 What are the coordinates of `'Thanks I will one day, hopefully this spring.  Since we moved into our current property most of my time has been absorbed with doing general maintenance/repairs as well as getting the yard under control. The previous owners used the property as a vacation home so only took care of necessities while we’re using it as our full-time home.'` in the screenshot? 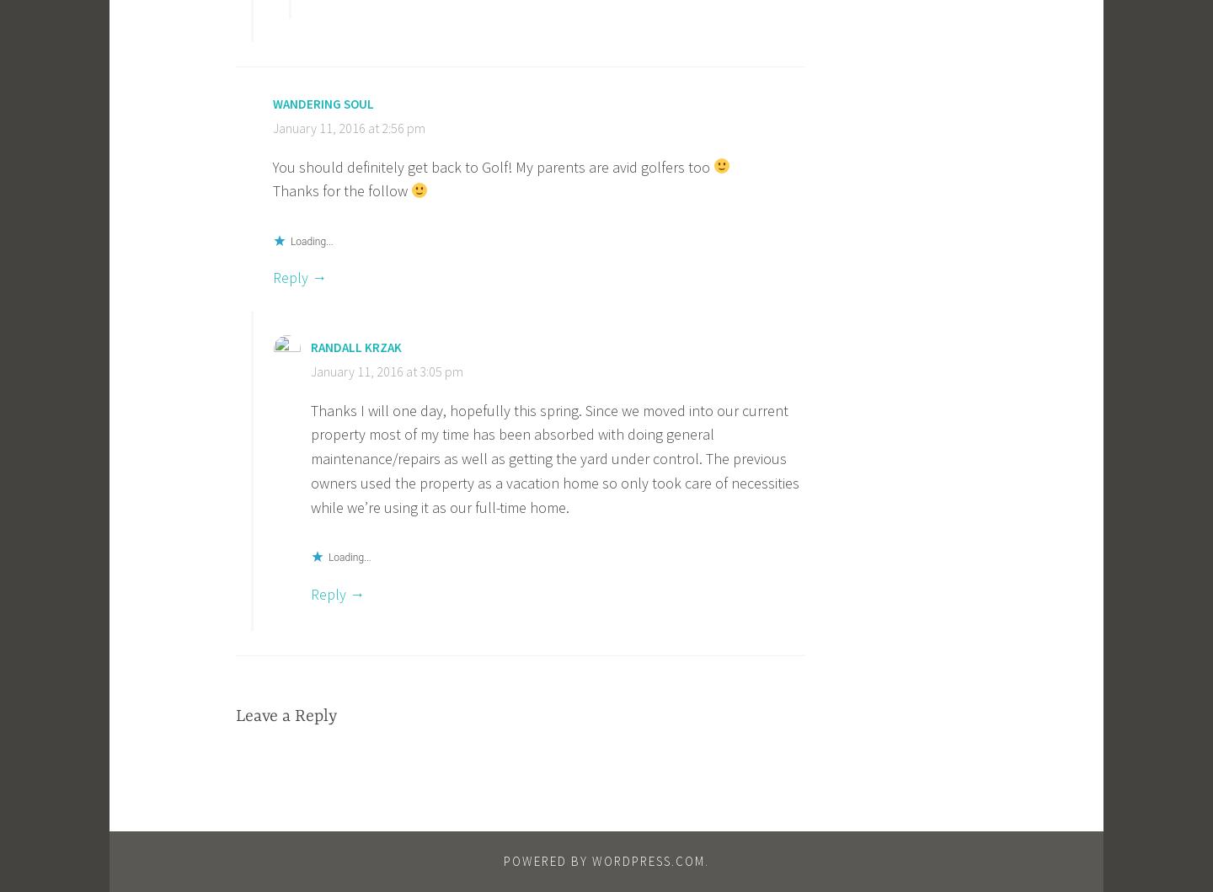 It's located at (553, 457).